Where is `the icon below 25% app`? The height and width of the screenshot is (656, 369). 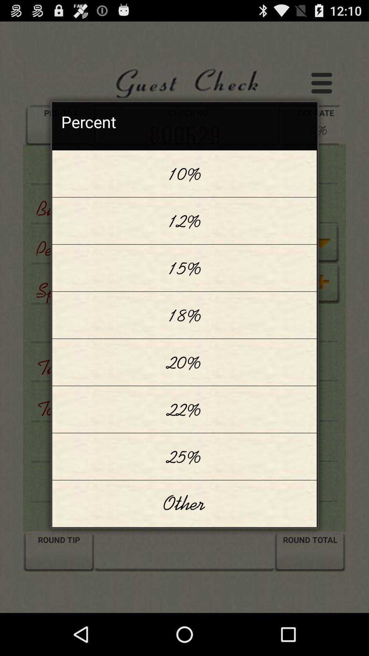
the icon below 25% app is located at coordinates (184, 504).